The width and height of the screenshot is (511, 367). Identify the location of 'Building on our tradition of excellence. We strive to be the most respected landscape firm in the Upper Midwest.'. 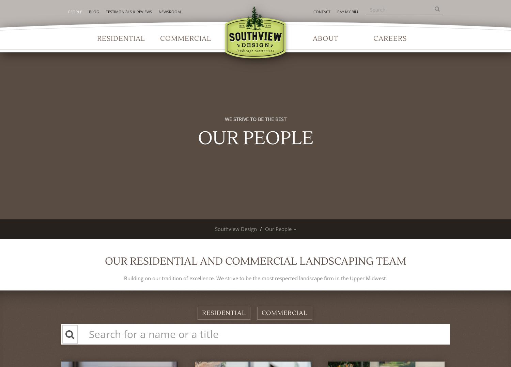
(124, 278).